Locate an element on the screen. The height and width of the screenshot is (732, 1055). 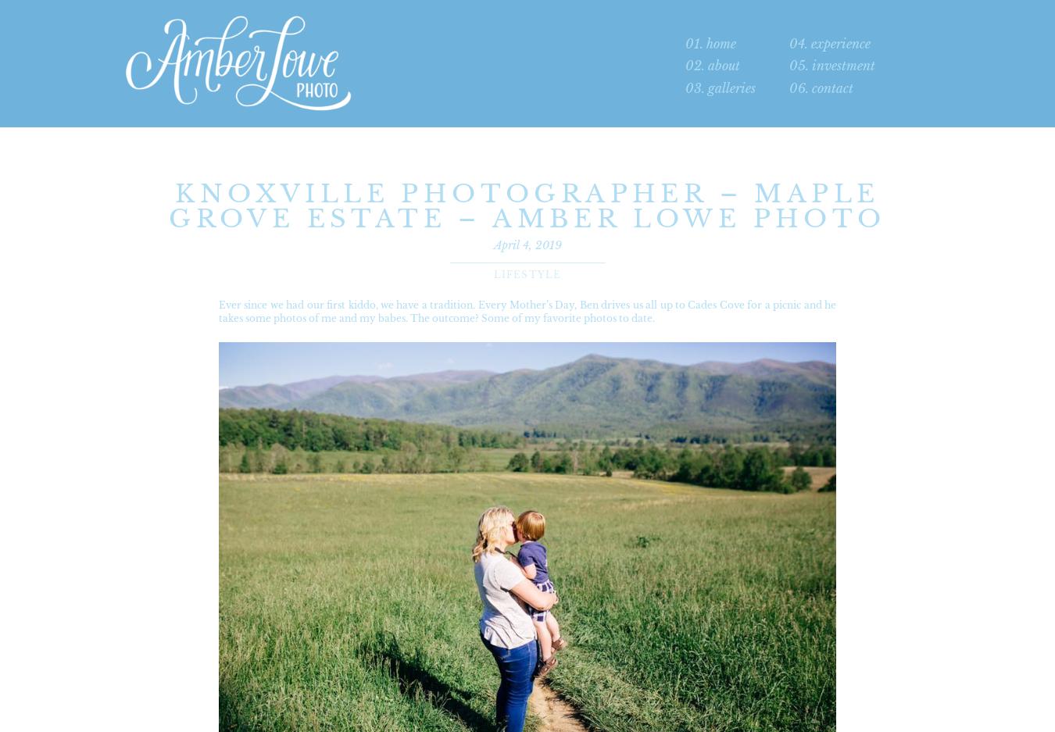
'06. contact' is located at coordinates (821, 88).